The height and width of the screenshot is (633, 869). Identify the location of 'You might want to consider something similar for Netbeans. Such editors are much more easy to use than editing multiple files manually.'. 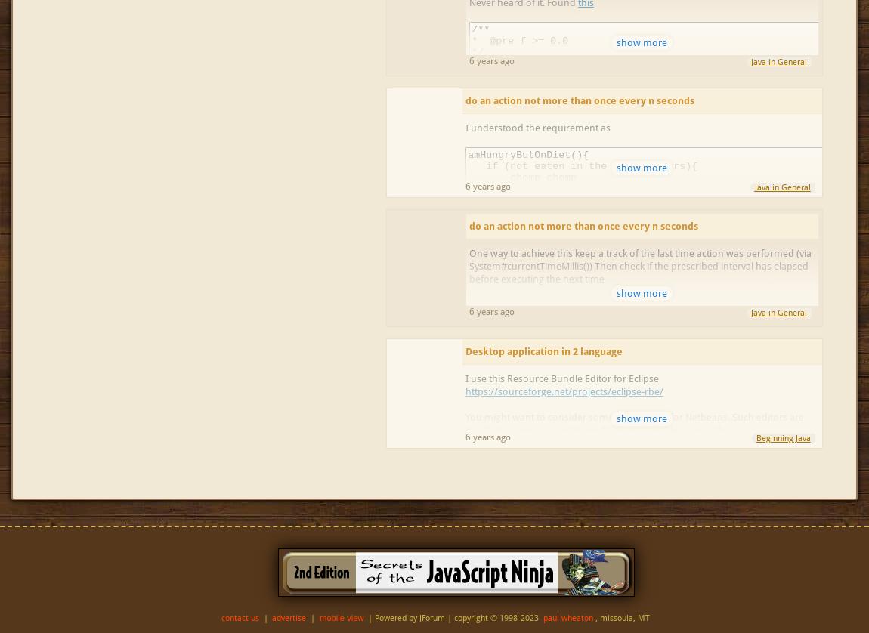
(465, 424).